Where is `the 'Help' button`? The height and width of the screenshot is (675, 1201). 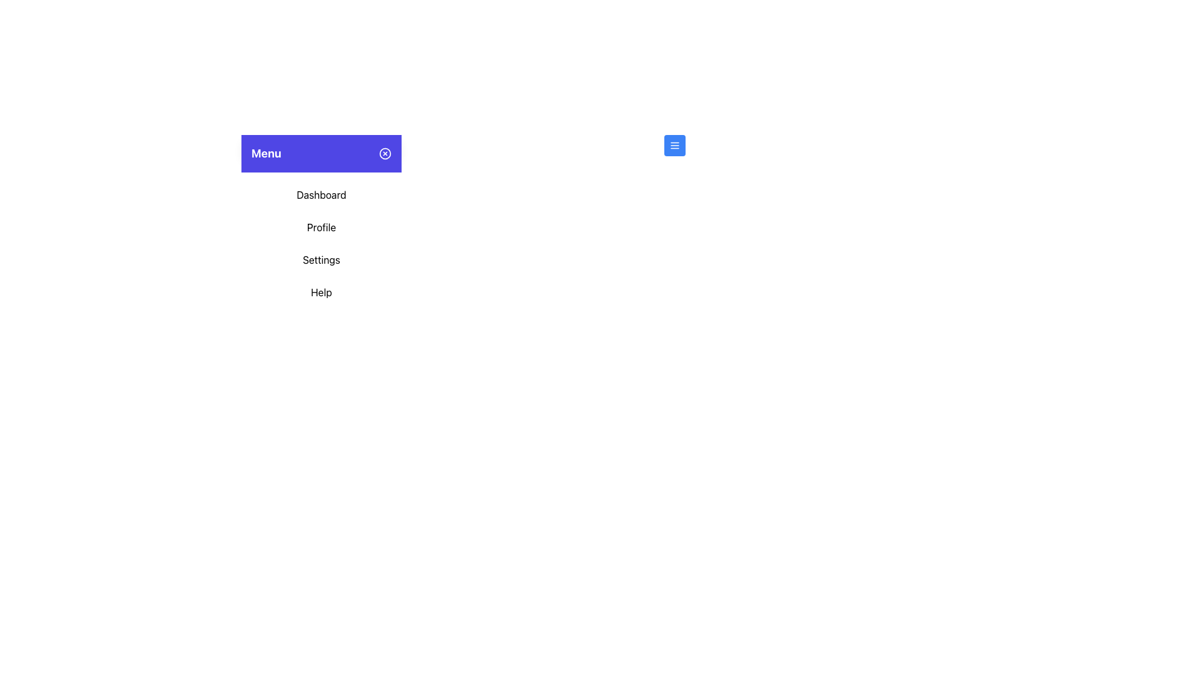
the 'Help' button is located at coordinates (321, 292).